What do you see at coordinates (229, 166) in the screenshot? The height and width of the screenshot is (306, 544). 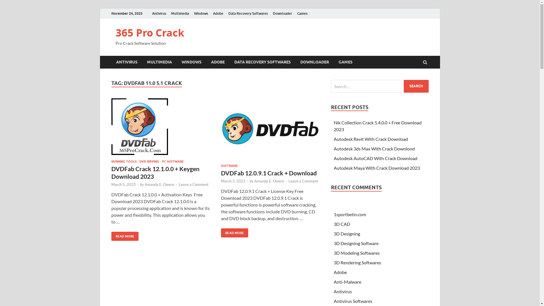 I see `'SOFTWARE'` at bounding box center [229, 166].